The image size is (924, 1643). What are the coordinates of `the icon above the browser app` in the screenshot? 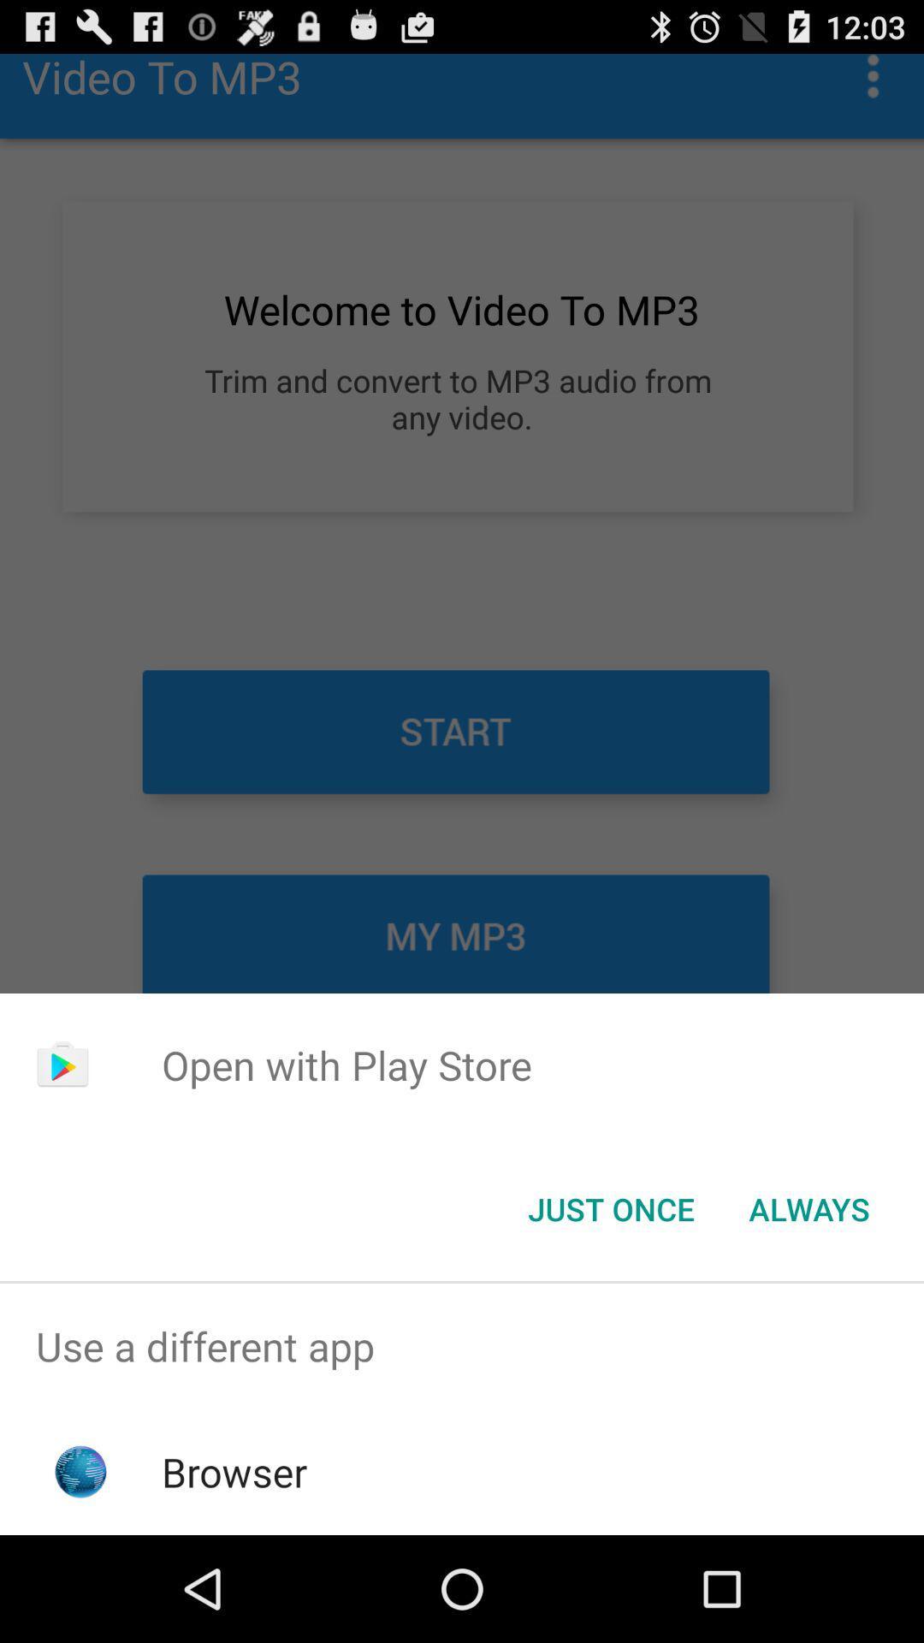 It's located at (462, 1345).